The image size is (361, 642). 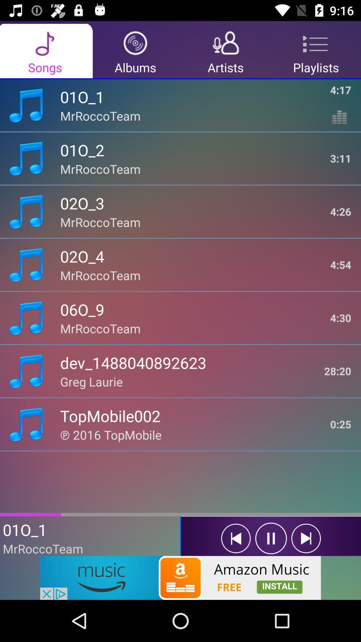 What do you see at coordinates (306, 538) in the screenshot?
I see `next song` at bounding box center [306, 538].